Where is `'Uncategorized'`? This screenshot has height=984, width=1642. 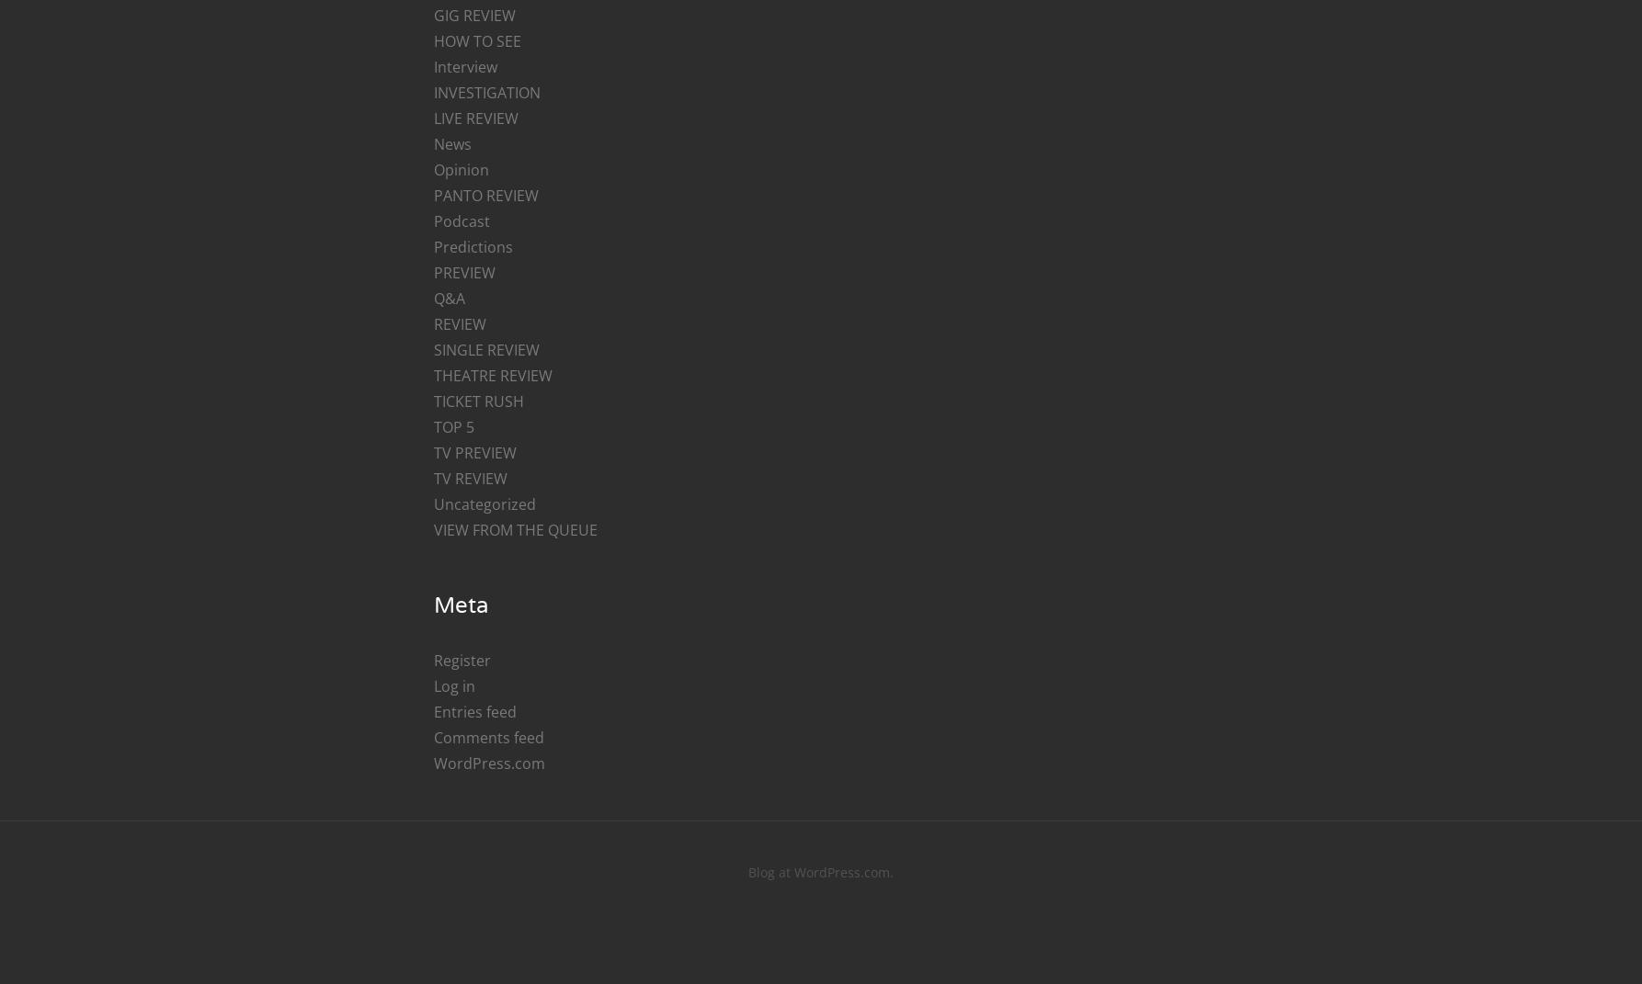 'Uncategorized' is located at coordinates (483, 503).